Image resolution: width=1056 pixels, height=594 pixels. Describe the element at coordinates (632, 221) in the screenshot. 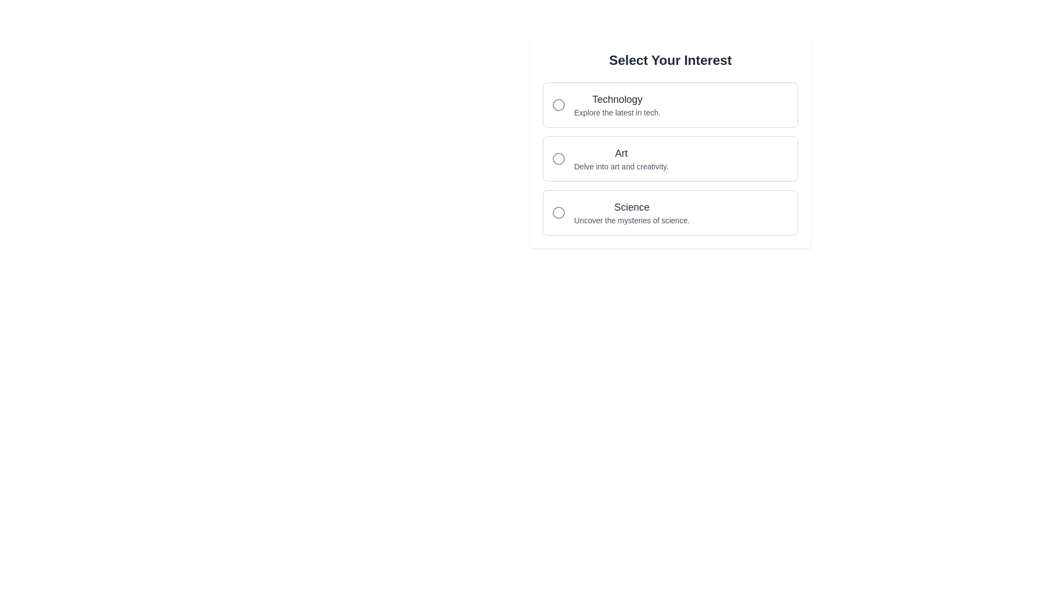

I see `the text element that reads 'Uncover the mysteries of science.' located below the title 'Science' in the third selectable card labeled 'Science'` at that location.